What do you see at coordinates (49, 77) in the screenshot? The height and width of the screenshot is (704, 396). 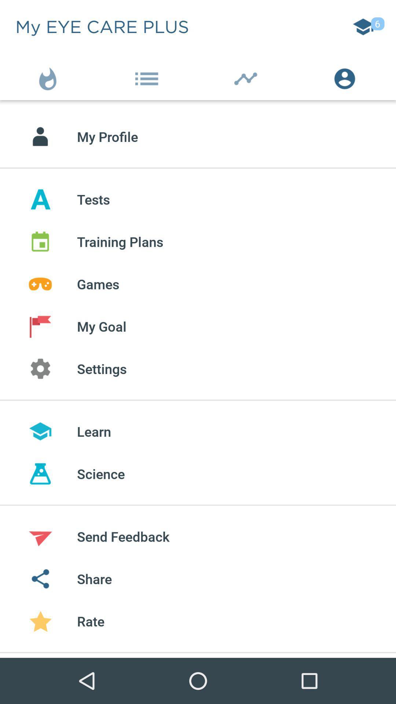 I see `the    icon` at bounding box center [49, 77].